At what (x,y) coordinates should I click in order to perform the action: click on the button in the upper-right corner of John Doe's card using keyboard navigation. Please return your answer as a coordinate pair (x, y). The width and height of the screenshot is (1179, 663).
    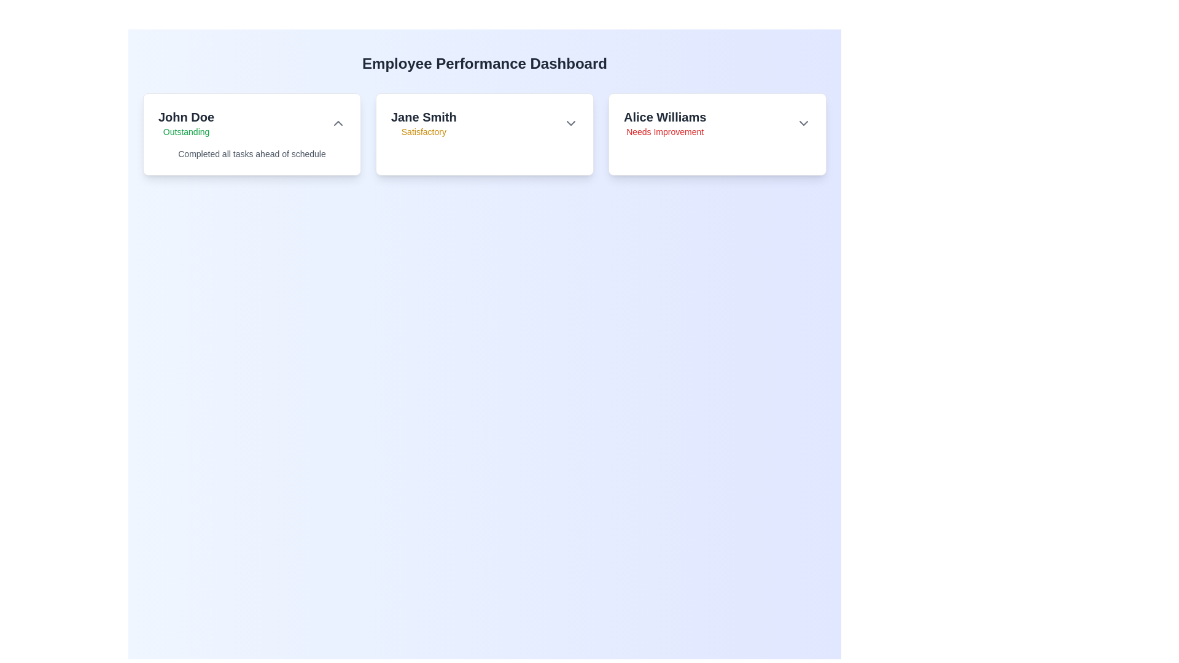
    Looking at the image, I should click on (338, 123).